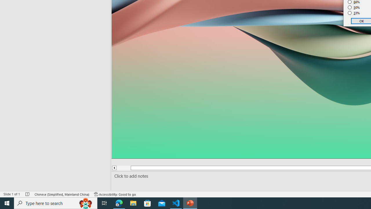  What do you see at coordinates (7, 203) in the screenshot?
I see `'Start'` at bounding box center [7, 203].